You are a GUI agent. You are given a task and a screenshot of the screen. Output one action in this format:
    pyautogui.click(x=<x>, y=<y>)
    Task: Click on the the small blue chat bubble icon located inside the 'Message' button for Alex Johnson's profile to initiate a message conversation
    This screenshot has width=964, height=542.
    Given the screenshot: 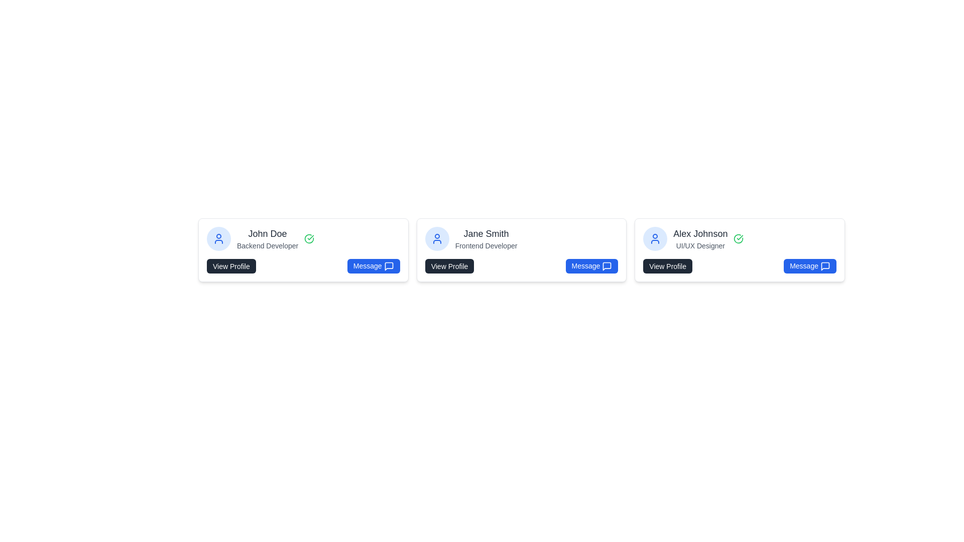 What is the action you would take?
    pyautogui.click(x=825, y=266)
    